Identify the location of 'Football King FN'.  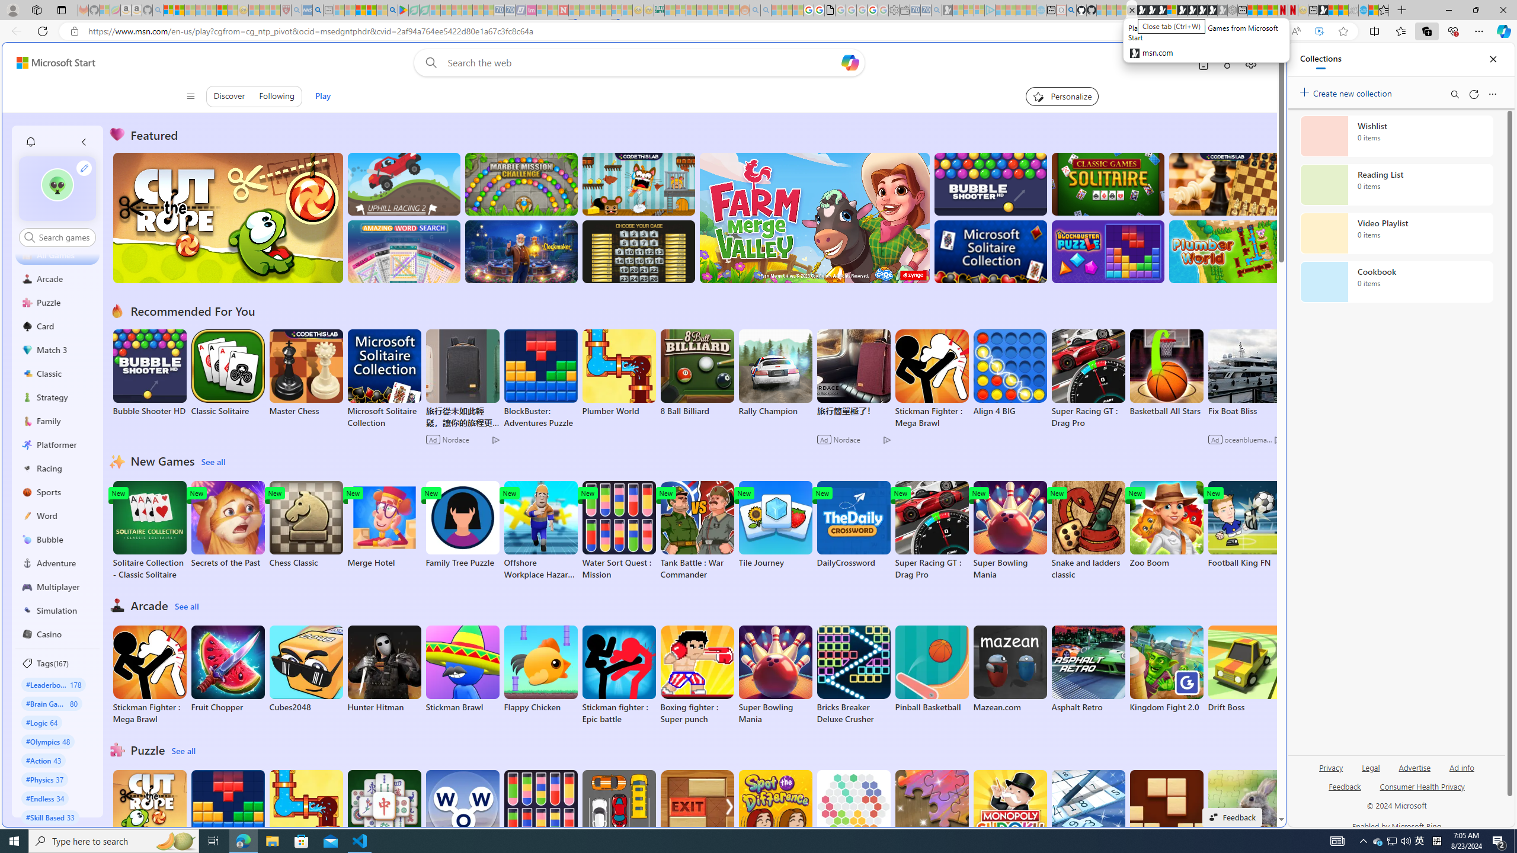
(1244, 524).